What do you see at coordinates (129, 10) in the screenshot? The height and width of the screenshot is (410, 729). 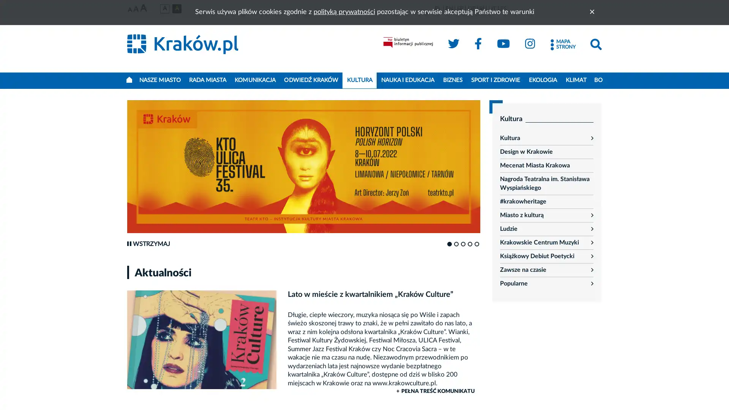 I see `Najmniejsza czcionka` at bounding box center [129, 10].